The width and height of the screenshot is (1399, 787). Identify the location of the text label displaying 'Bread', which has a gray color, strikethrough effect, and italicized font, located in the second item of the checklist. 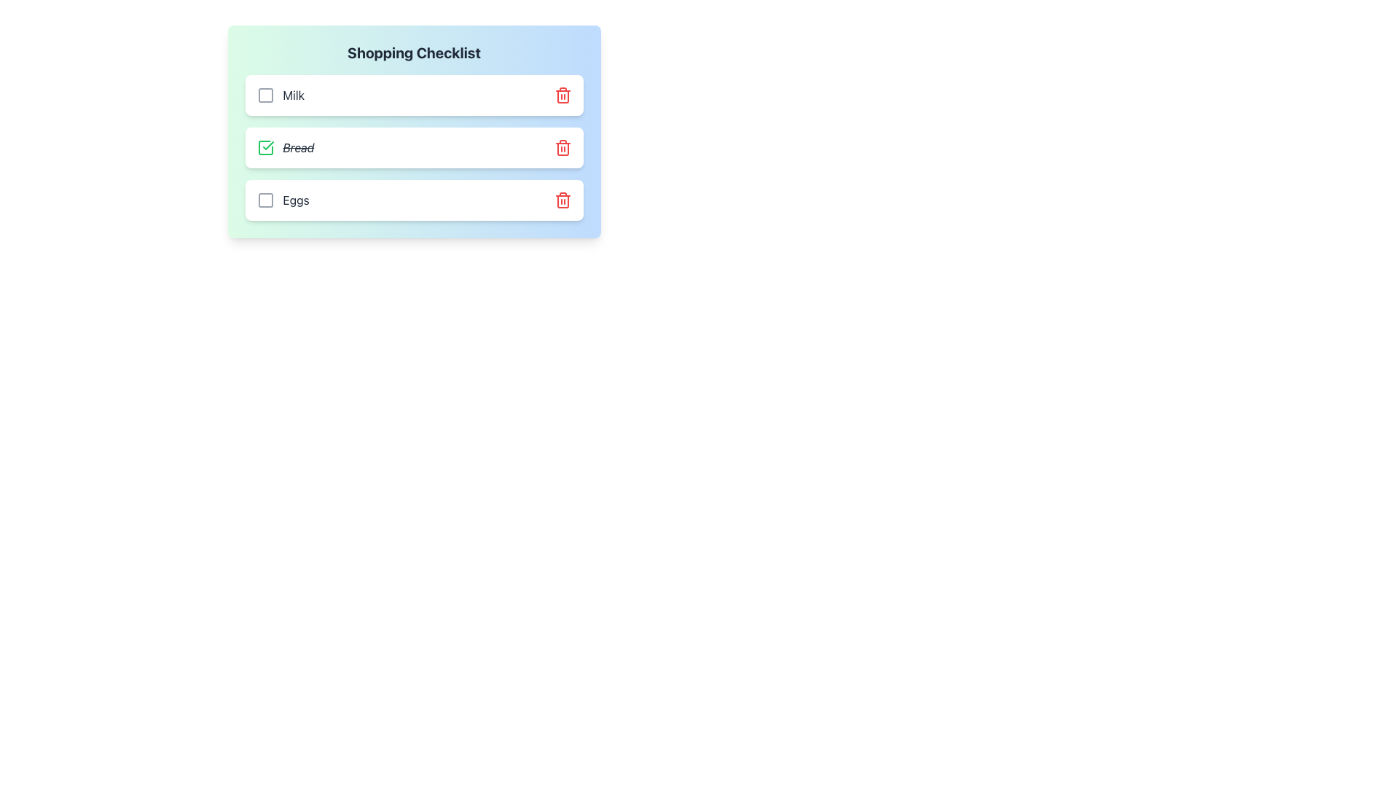
(297, 148).